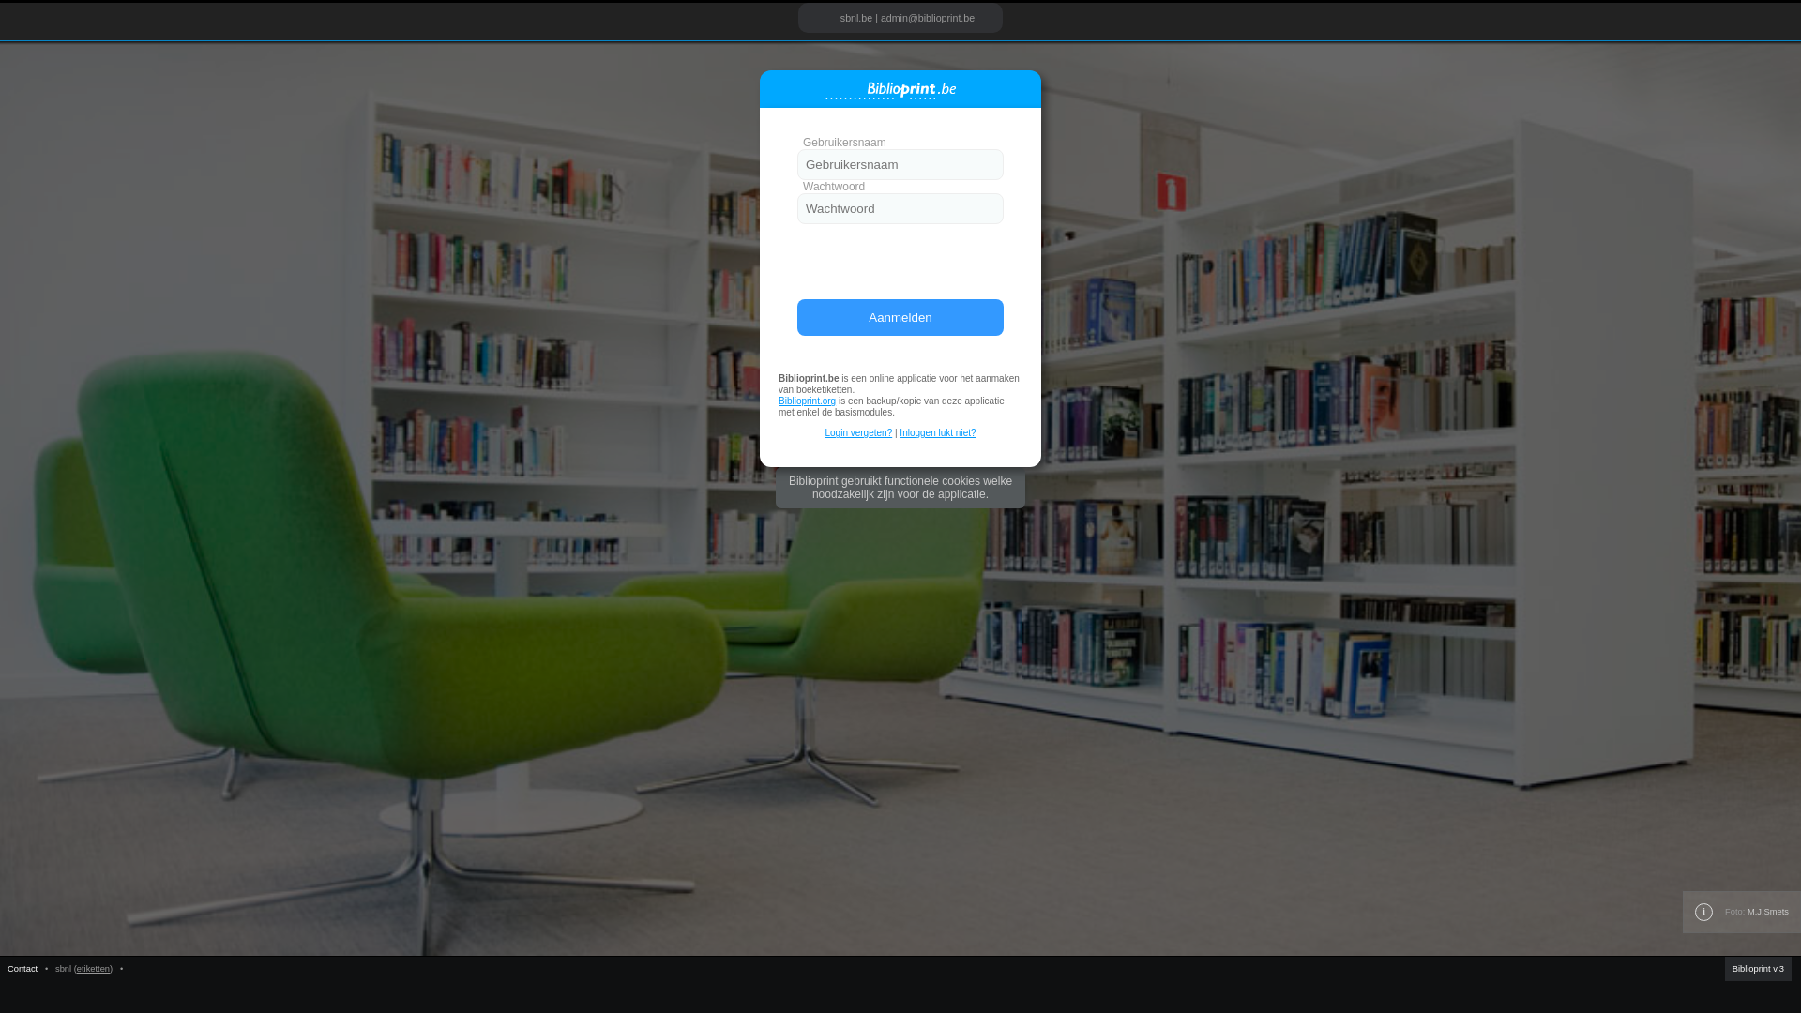 This screenshot has width=1801, height=1013. Describe the element at coordinates (927, 18) in the screenshot. I see `'admin@biblioprint.be'` at that location.